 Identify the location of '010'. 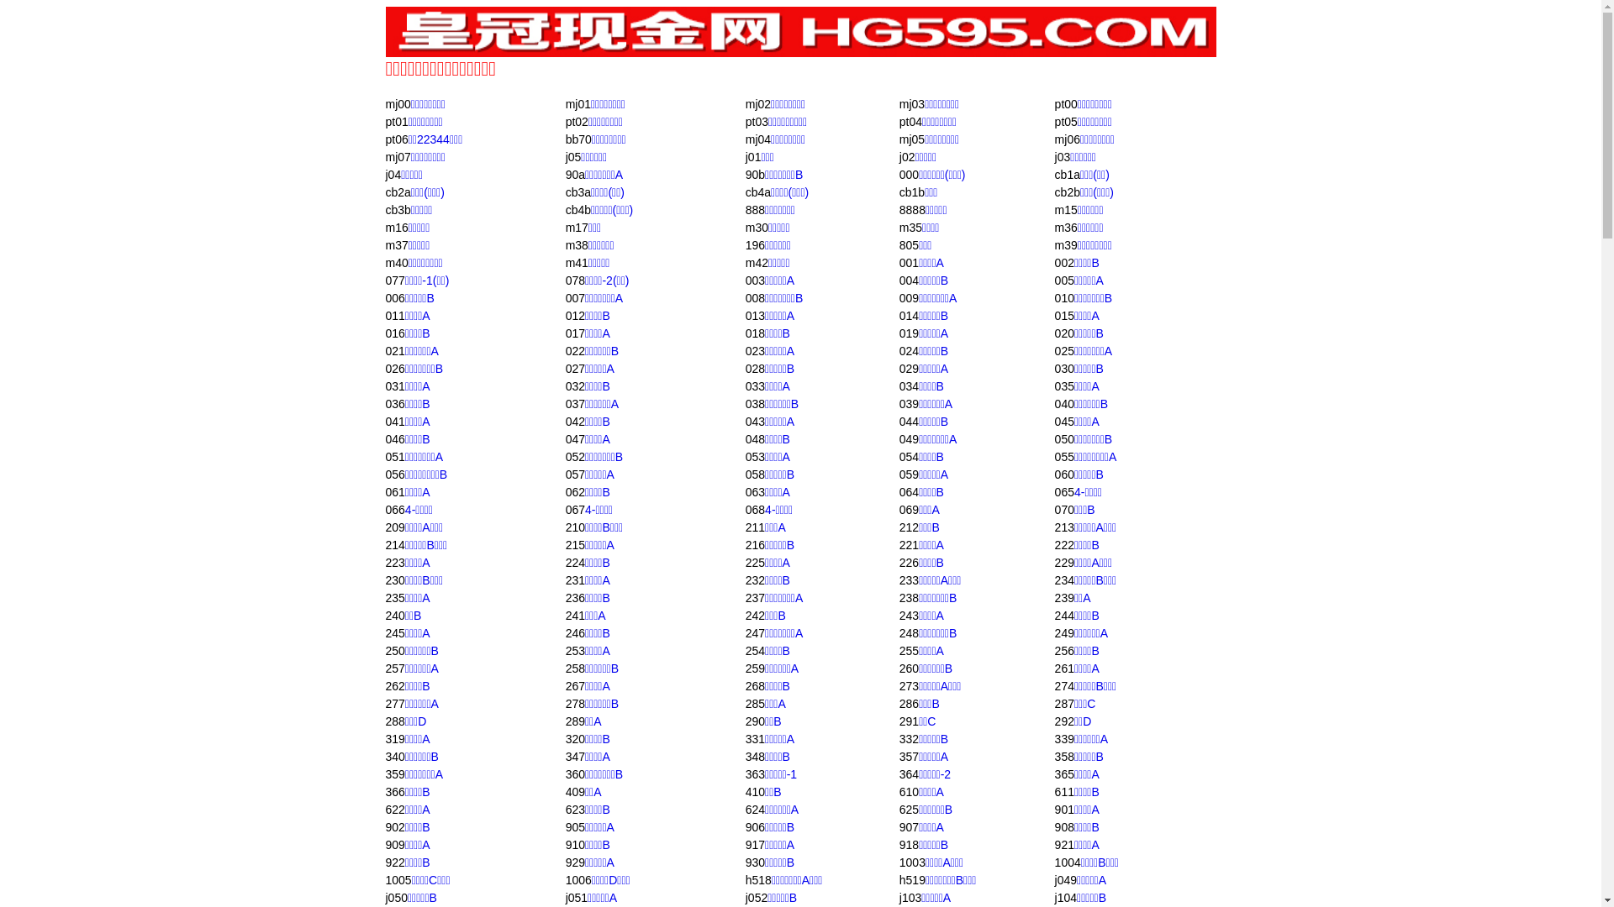
(1063, 296).